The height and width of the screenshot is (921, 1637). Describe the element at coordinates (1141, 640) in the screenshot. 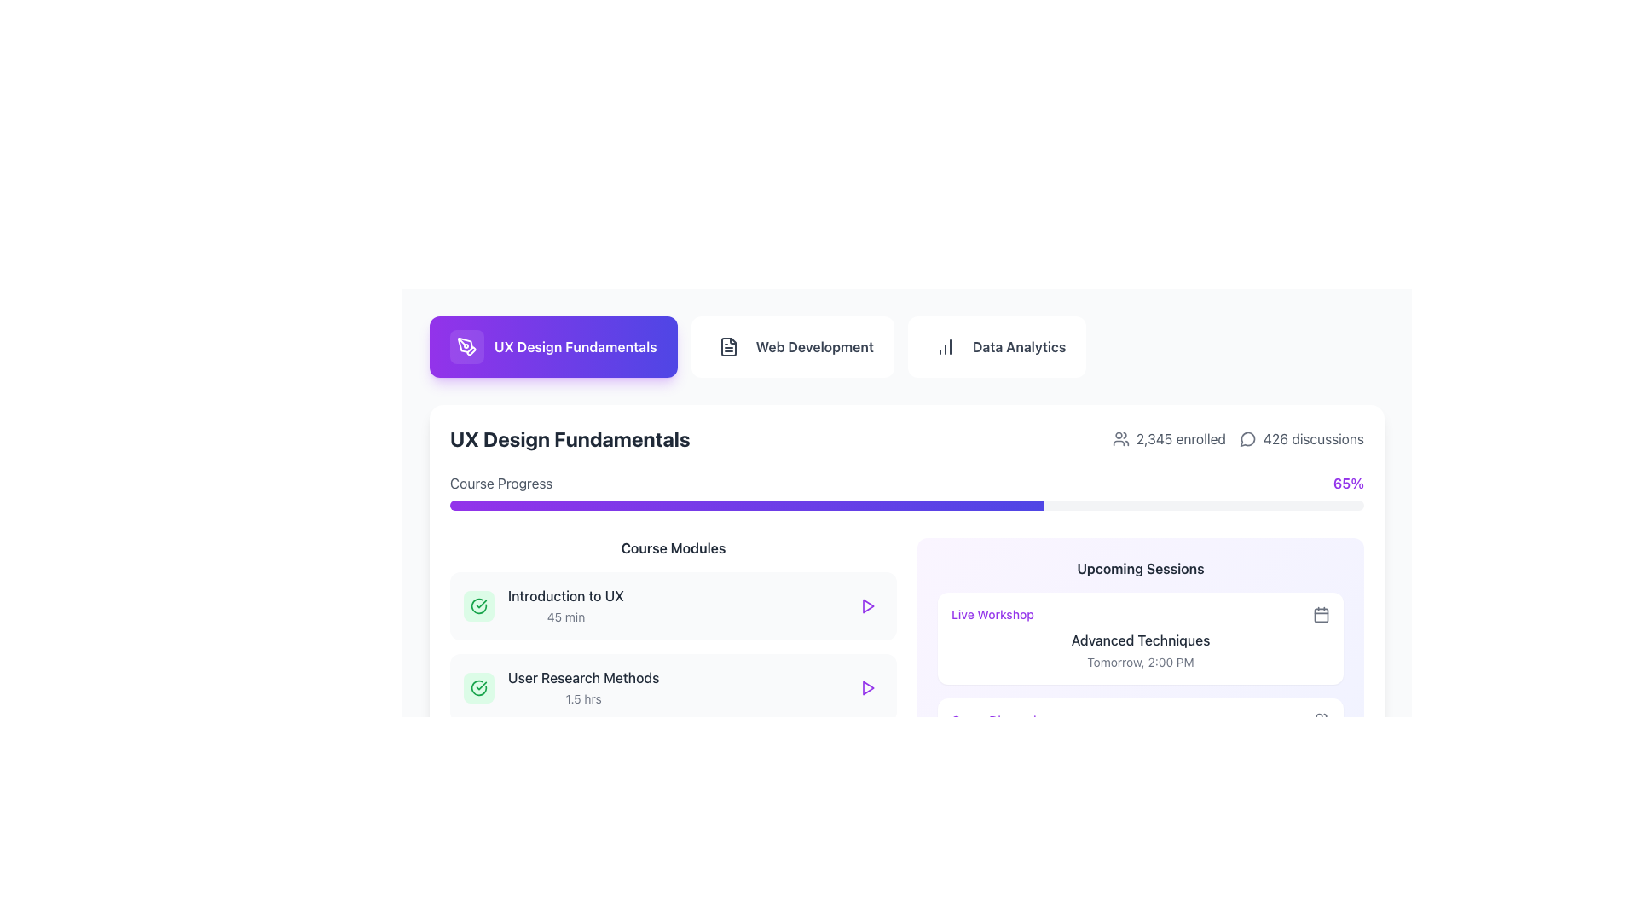

I see `the text 'Advanced Techniques' displayed in gray color within the 'Upcoming Sessions' section, which is styled with a medium-sized font and located below 'Live Workshop'` at that location.